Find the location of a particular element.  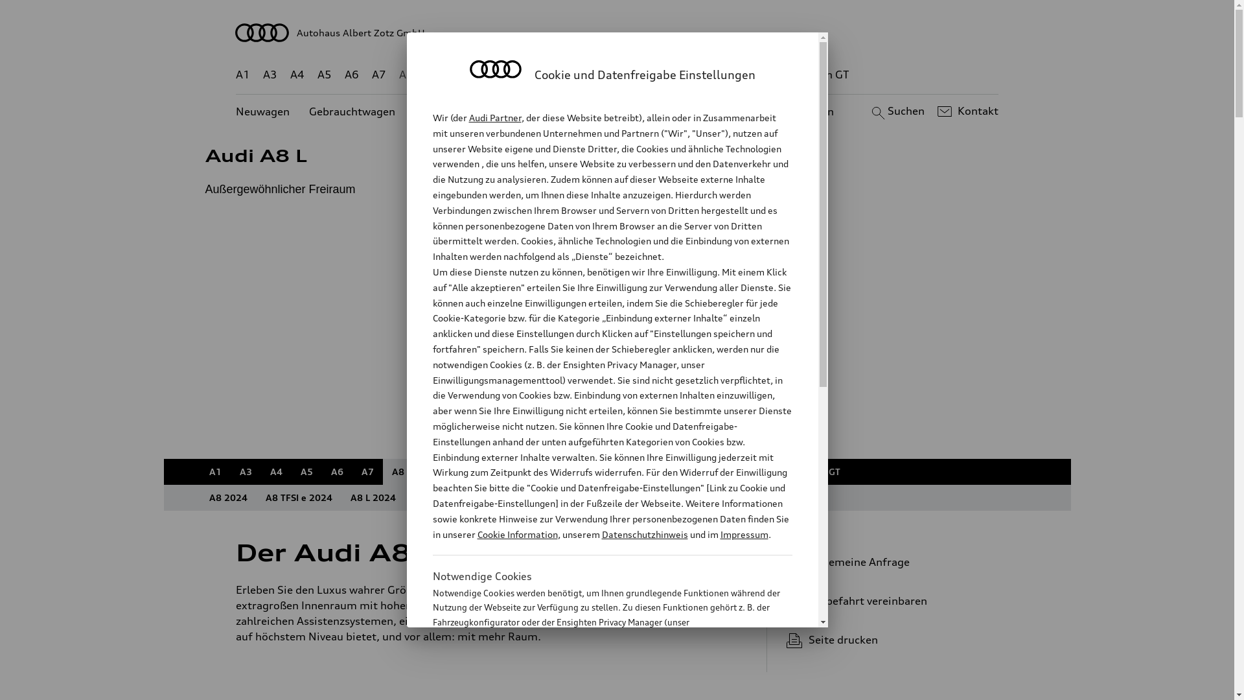

'Q3' is located at coordinates (461, 75).